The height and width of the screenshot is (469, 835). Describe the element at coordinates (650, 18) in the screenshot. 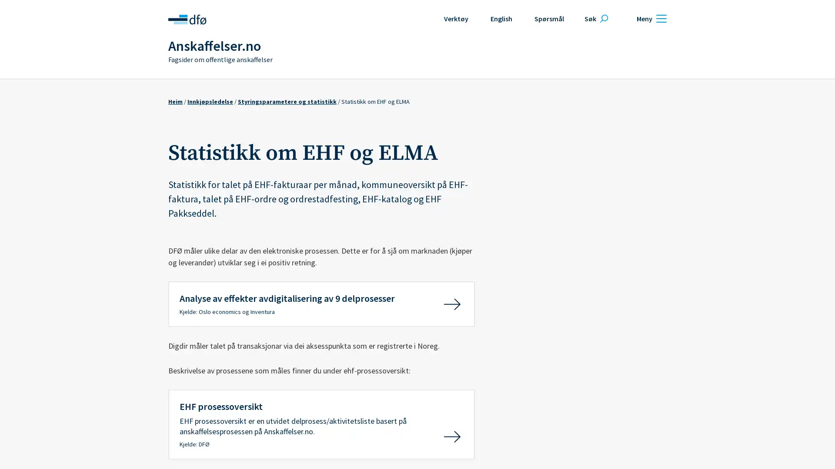

I see `Apne meny` at that location.